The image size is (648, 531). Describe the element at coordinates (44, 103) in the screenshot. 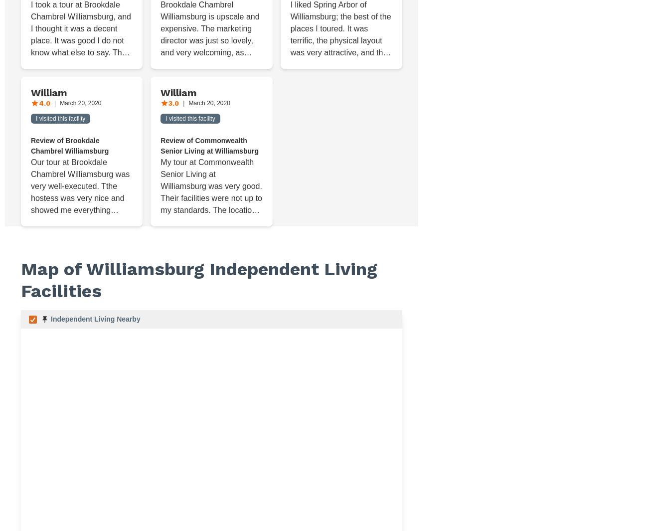

I see `'4.0'` at that location.